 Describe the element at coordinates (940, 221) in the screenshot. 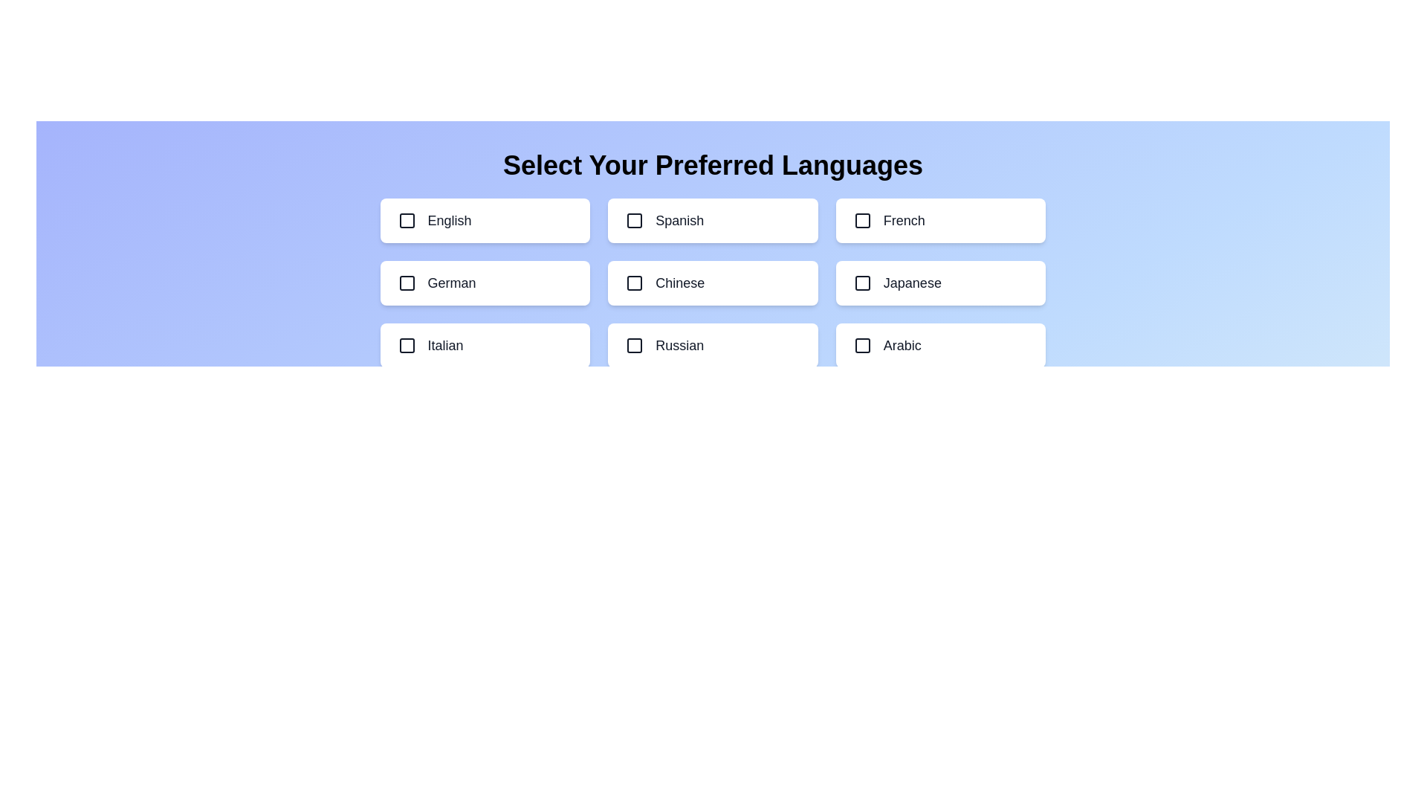

I see `the language option French` at that location.